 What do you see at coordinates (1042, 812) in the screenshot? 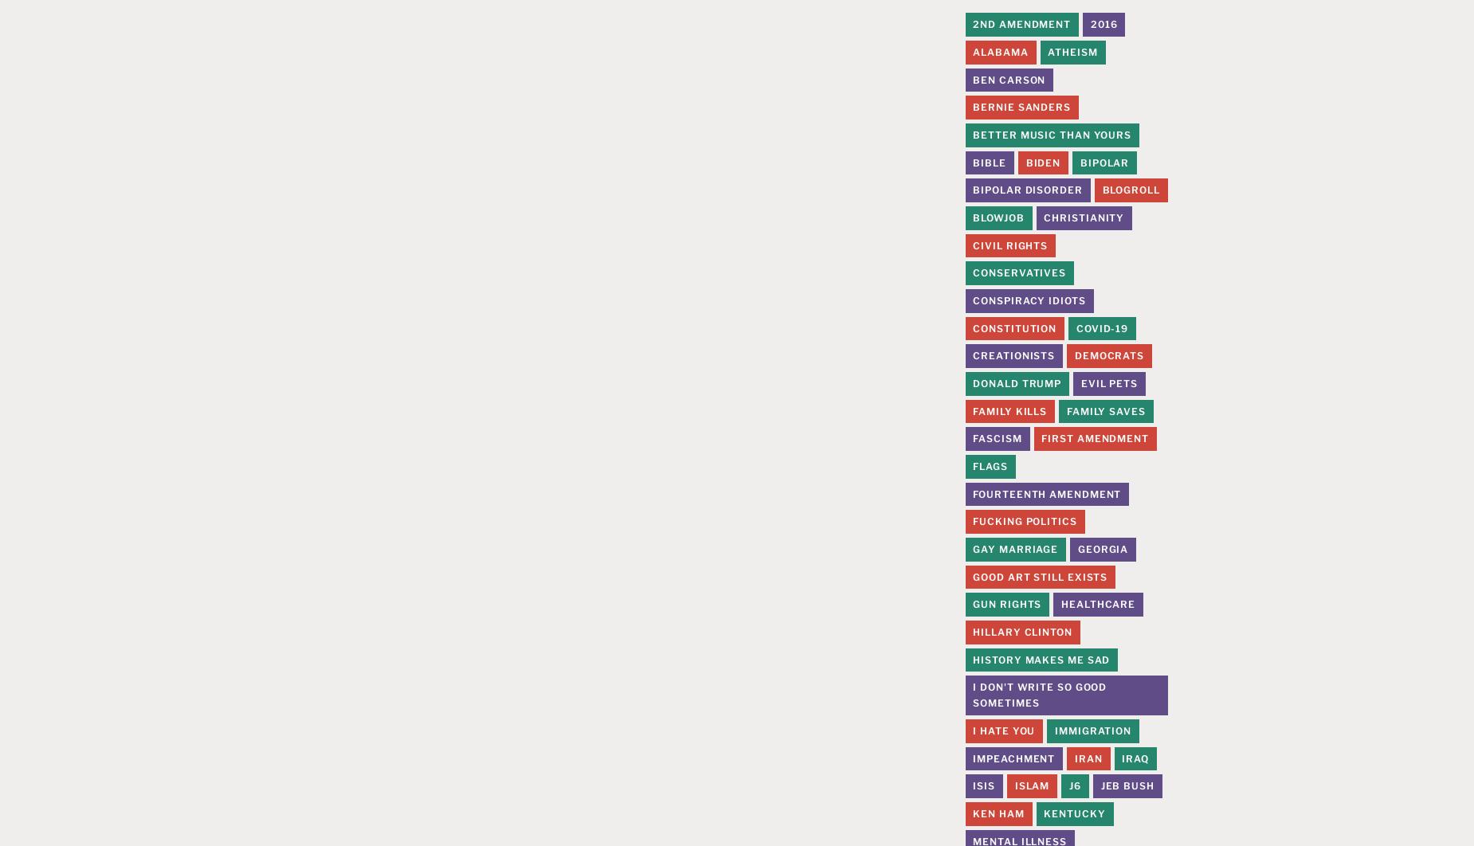
I see `'Kentucky'` at bounding box center [1042, 812].